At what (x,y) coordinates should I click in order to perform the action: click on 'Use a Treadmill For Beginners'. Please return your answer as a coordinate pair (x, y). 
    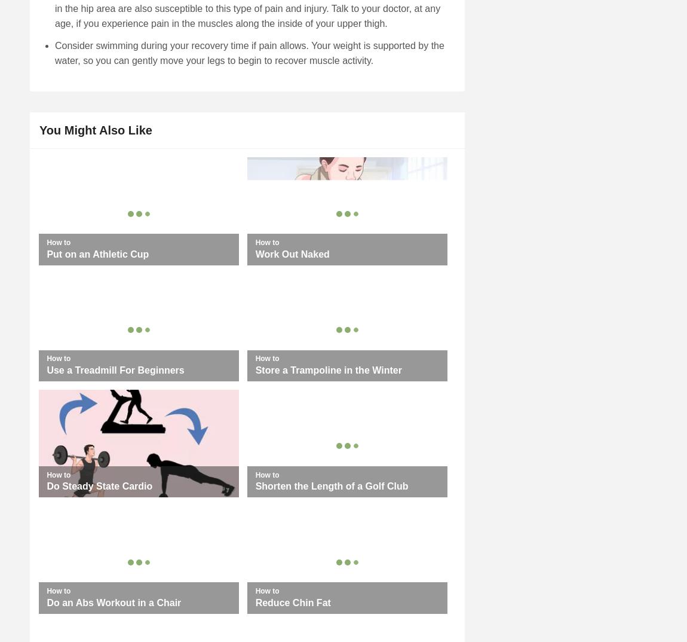
    Looking at the image, I should click on (114, 370).